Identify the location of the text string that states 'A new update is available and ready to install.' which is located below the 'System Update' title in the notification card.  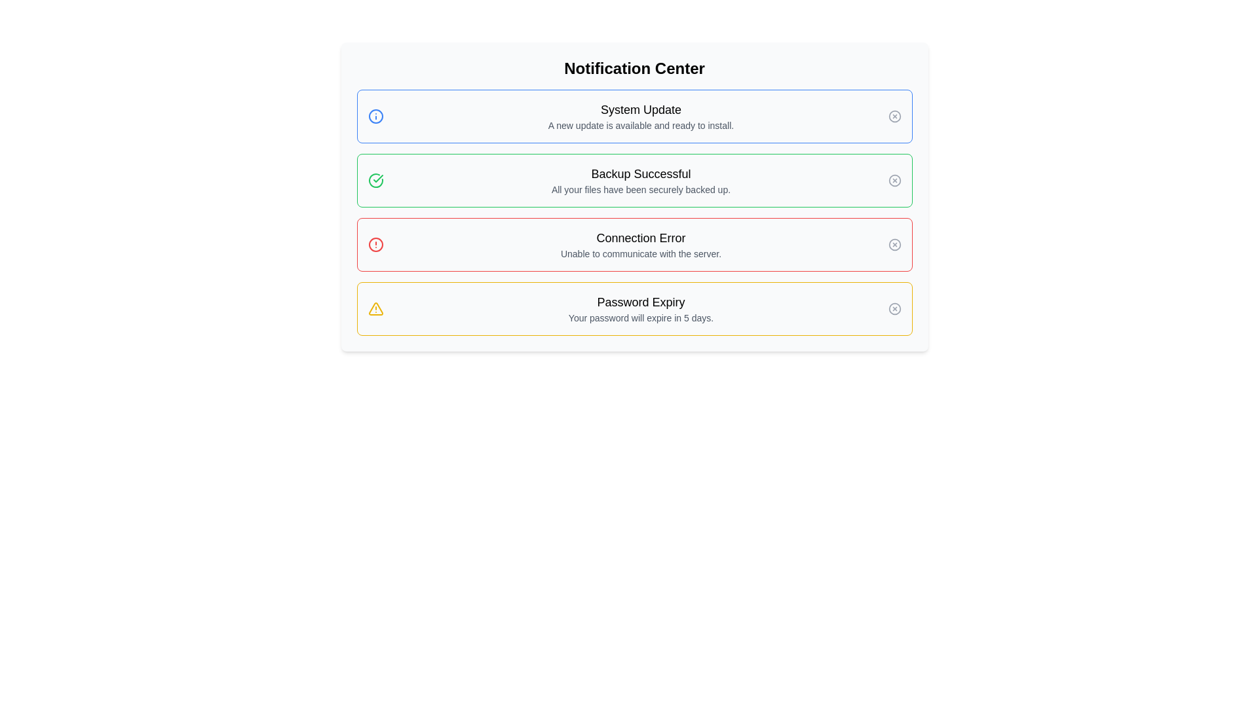
(641, 126).